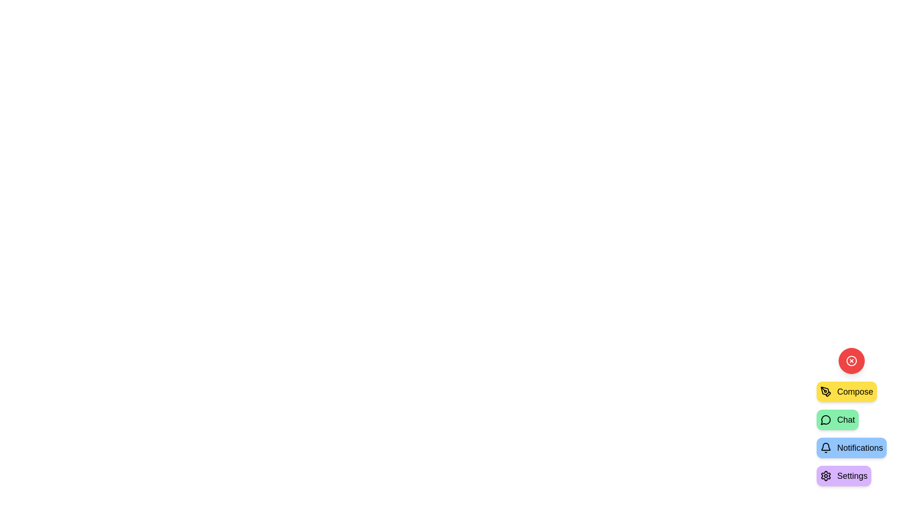 Image resolution: width=898 pixels, height=505 pixels. Describe the element at coordinates (844, 476) in the screenshot. I see `the 'Settings' button to select the 'Settings' action` at that location.